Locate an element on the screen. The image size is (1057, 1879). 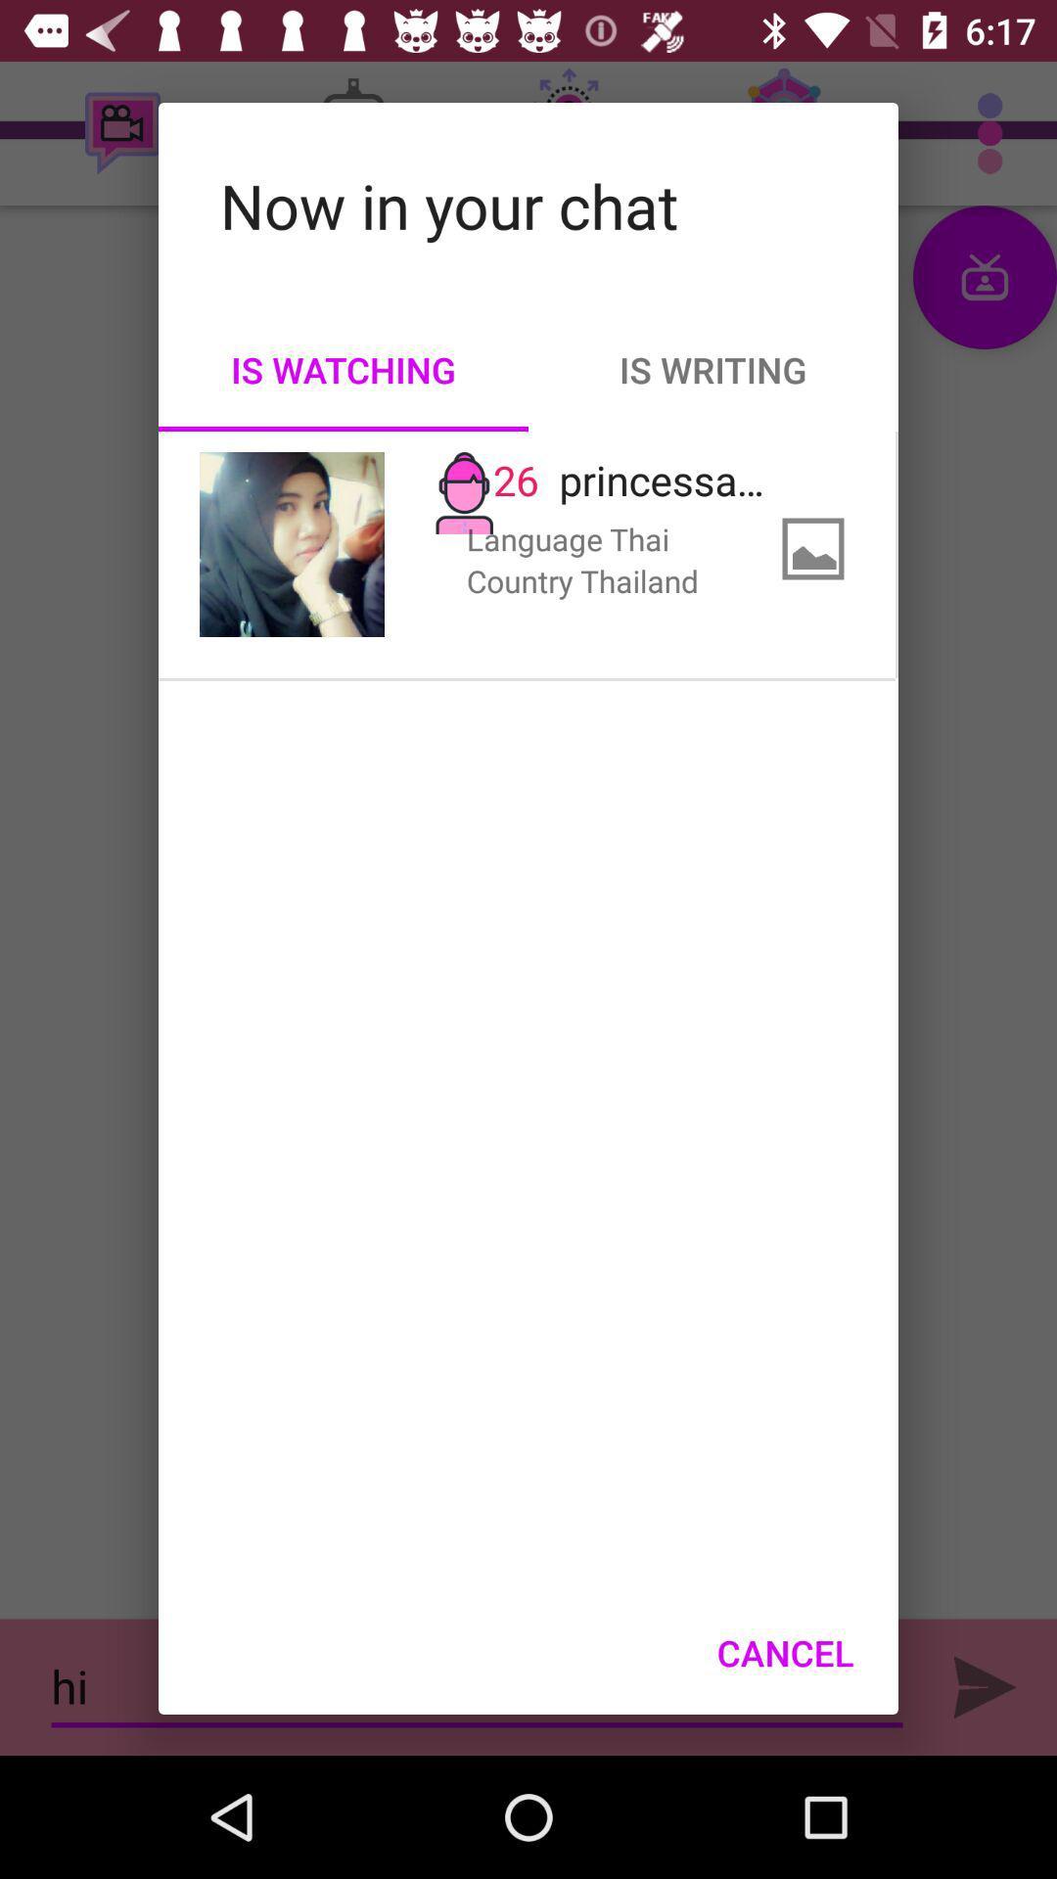
the profile picture is located at coordinates (292, 544).